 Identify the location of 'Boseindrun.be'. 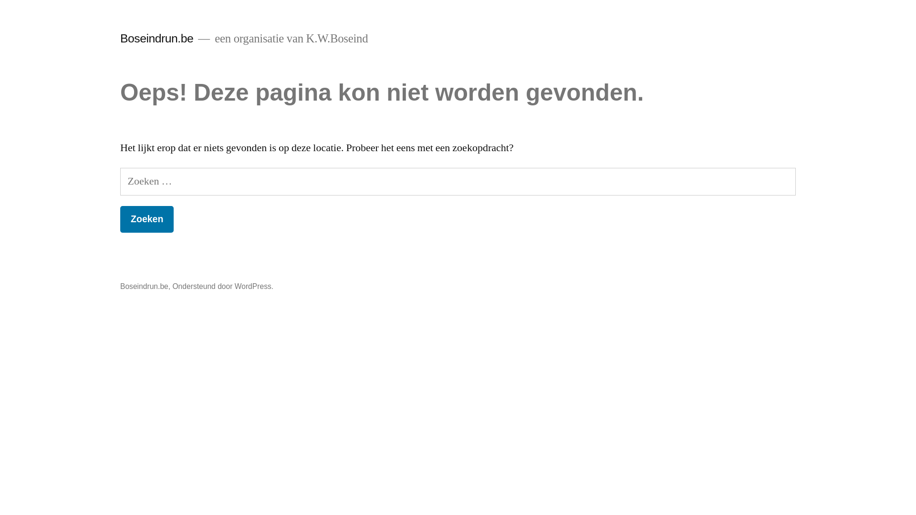
(156, 38).